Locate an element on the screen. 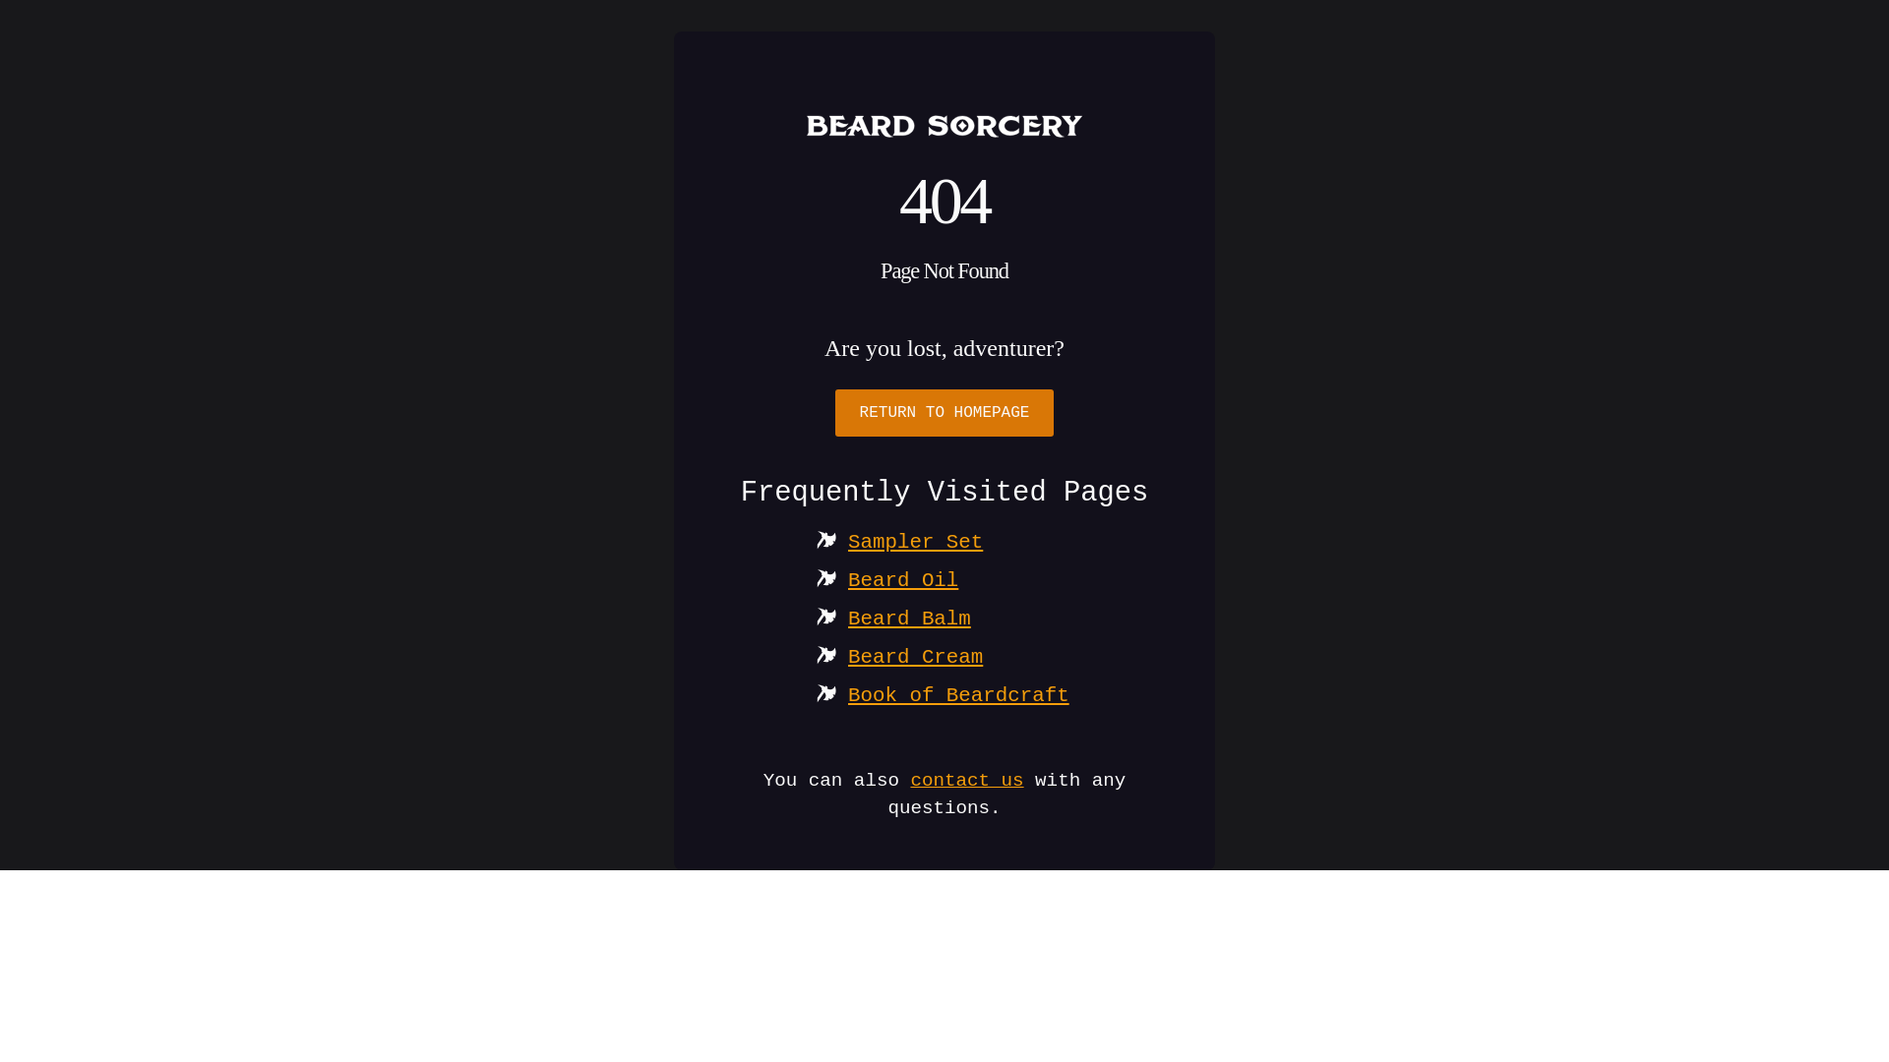  'Sampler Set' is located at coordinates (914, 542).